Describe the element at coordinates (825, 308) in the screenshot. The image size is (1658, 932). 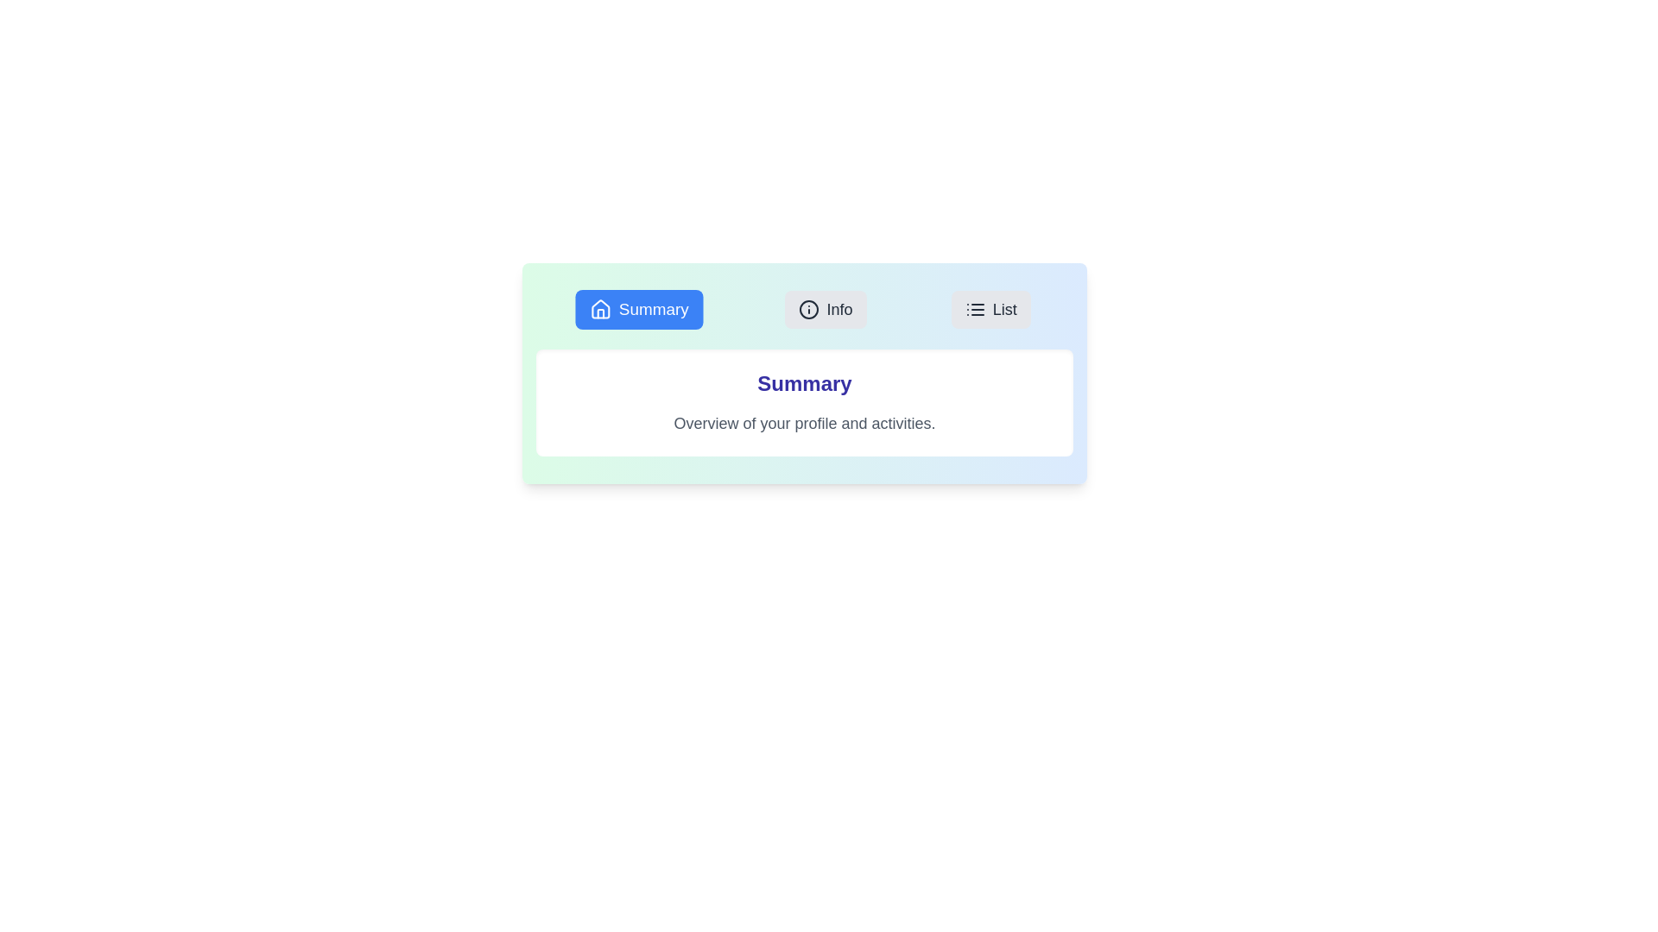
I see `the tab labeled Info to view its content` at that location.